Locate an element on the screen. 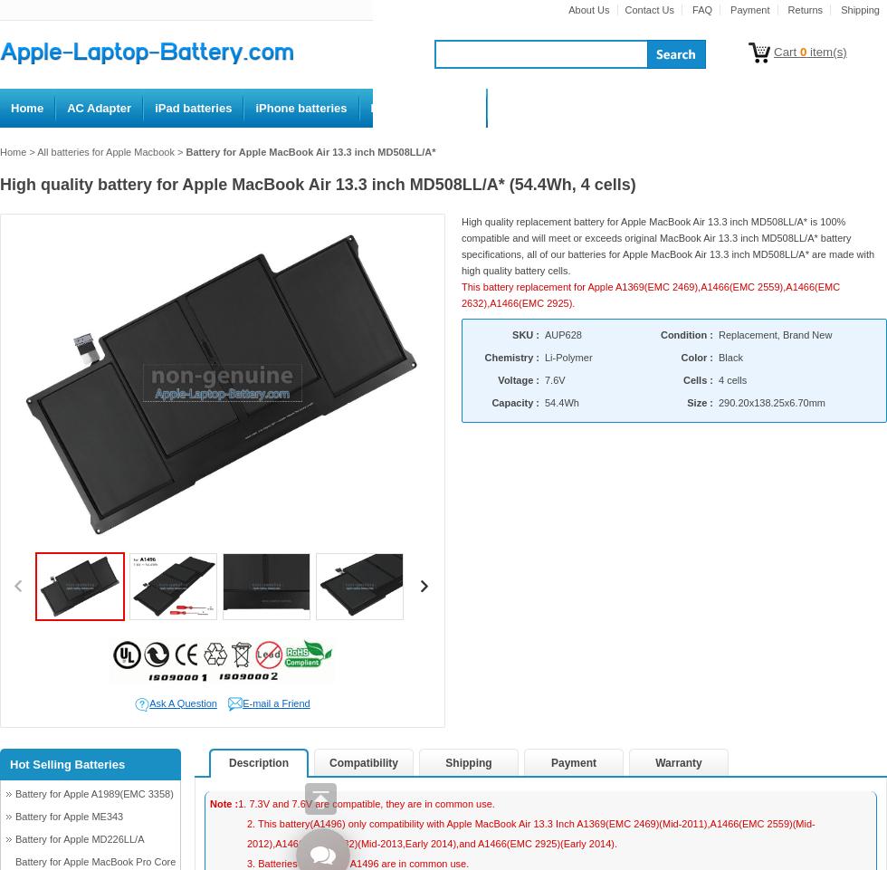 The height and width of the screenshot is (870, 887). '1. 7.3V and 7.6V are compatible, they are in common use.' is located at coordinates (366, 802).